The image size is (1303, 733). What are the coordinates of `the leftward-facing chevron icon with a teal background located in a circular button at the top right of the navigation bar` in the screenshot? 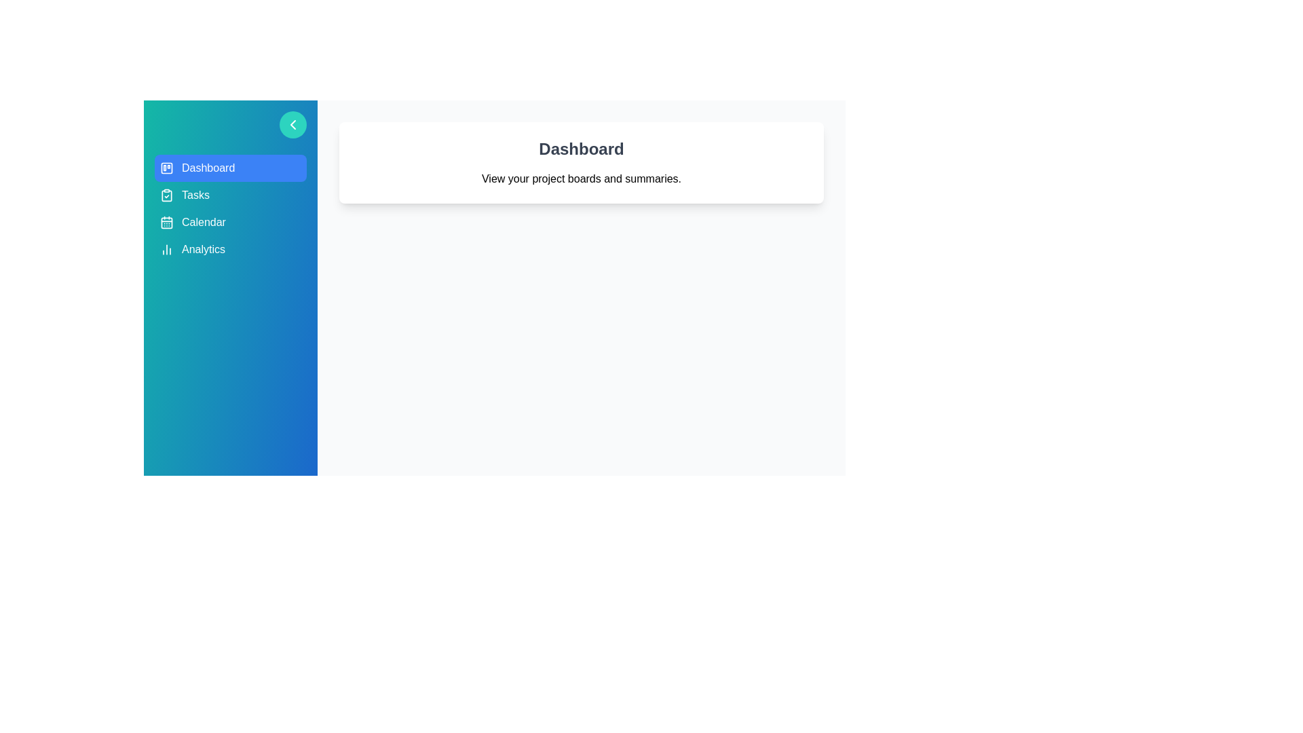 It's located at (292, 125).